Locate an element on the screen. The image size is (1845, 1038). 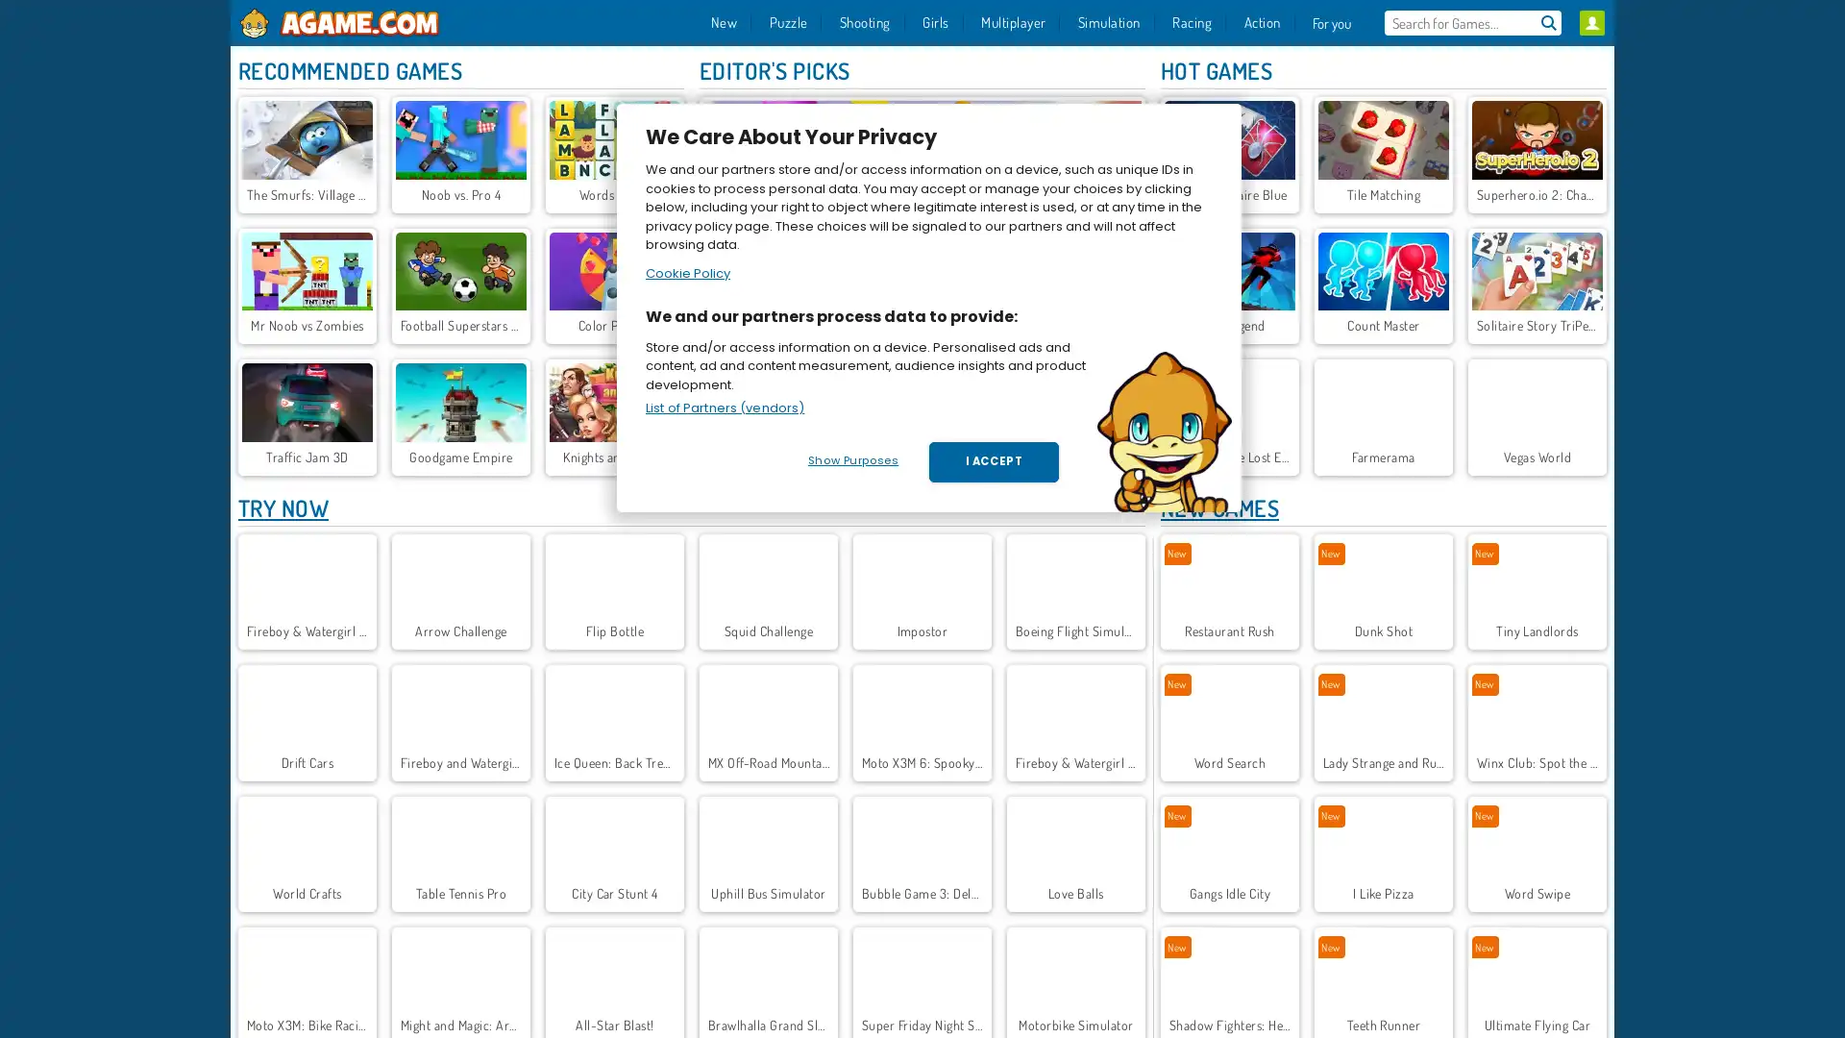
List of Partners (vendors) is located at coordinates (724, 407).